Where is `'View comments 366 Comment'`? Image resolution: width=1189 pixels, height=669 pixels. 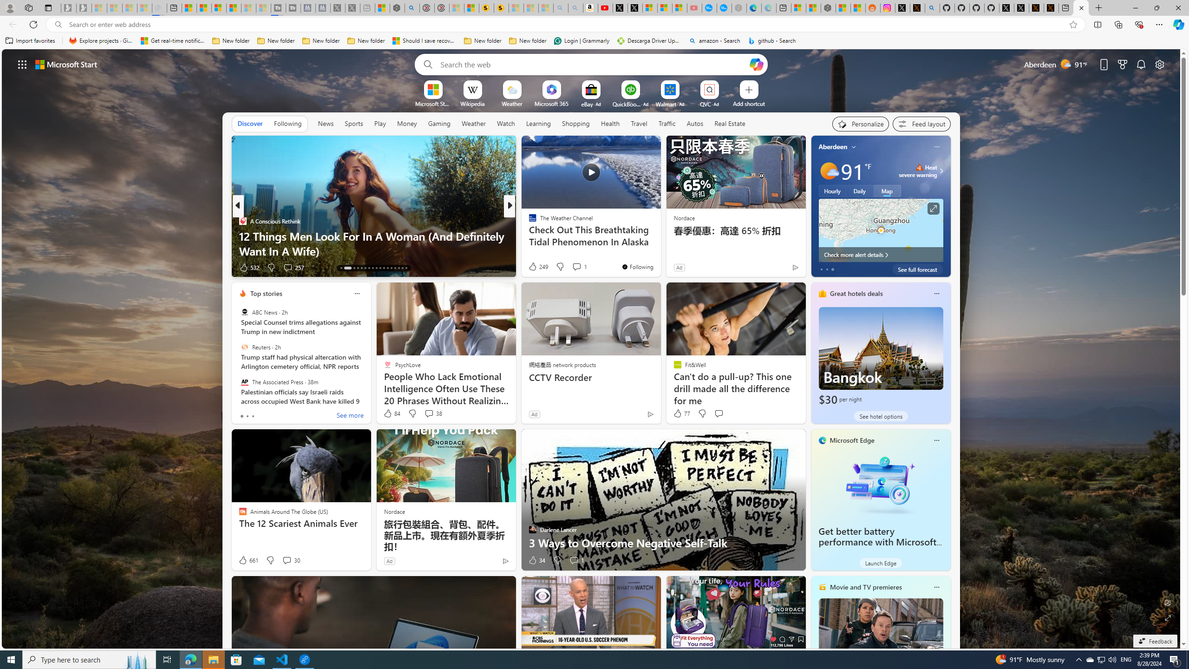
'View comments 366 Comment' is located at coordinates (579, 267).